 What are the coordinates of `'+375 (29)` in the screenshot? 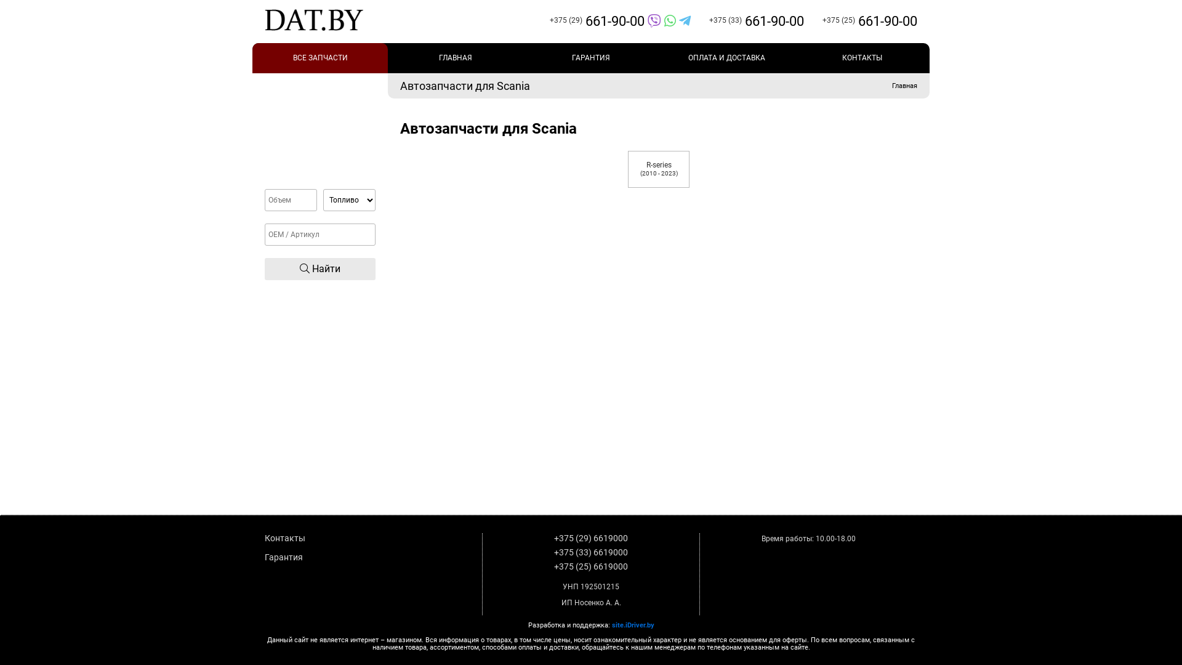 It's located at (611, 21).